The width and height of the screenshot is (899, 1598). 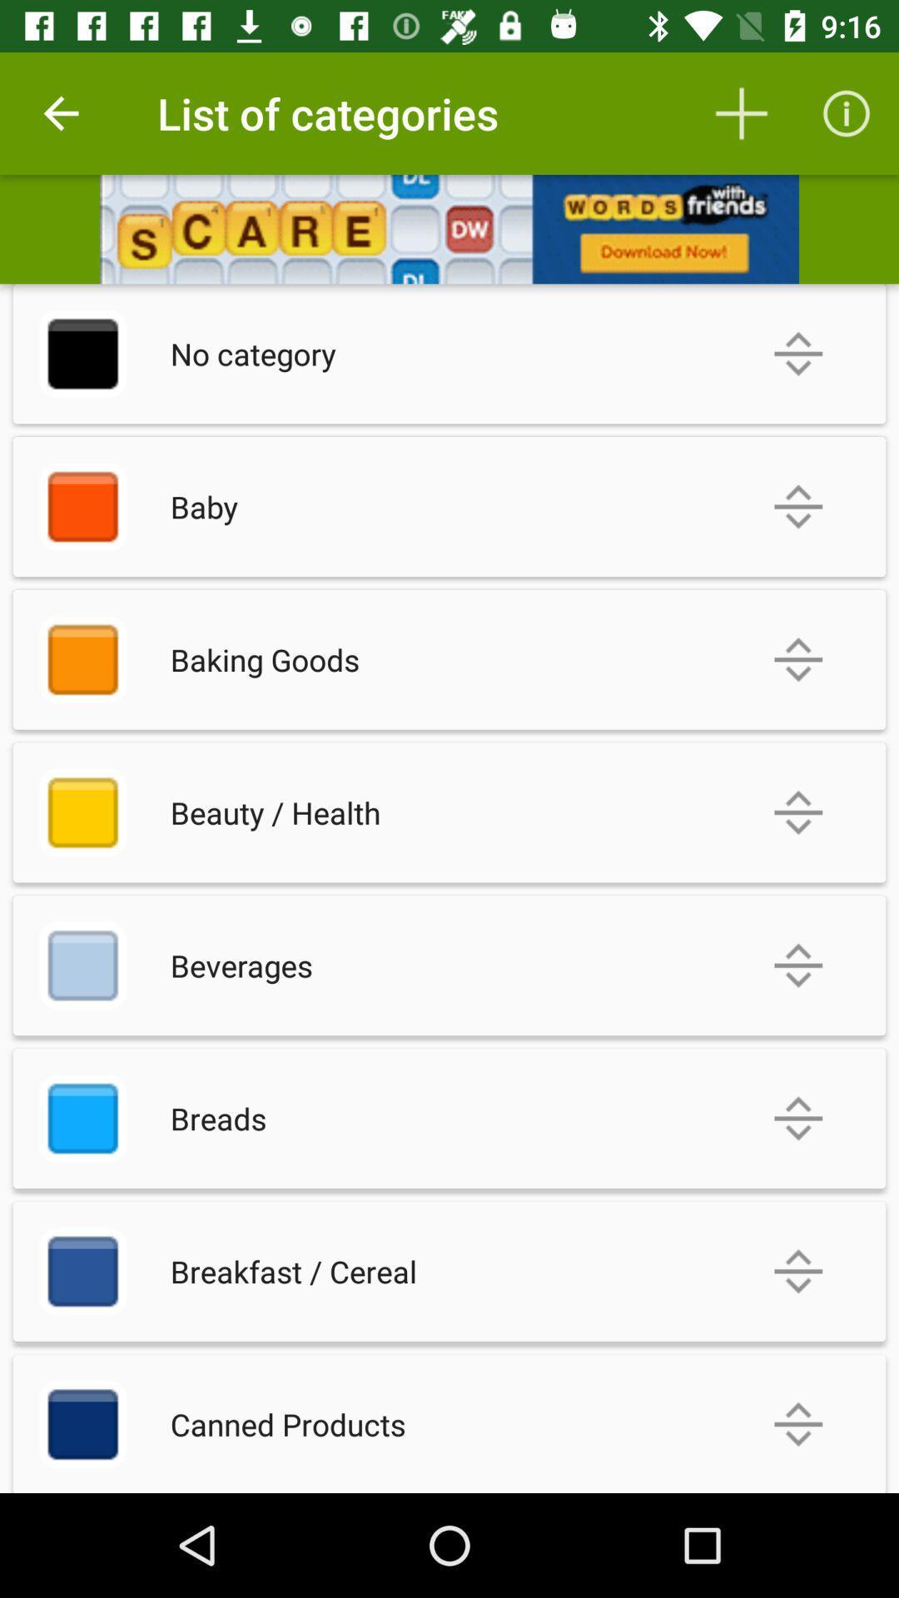 What do you see at coordinates (449, 228) in the screenshot?
I see `advertisement` at bounding box center [449, 228].